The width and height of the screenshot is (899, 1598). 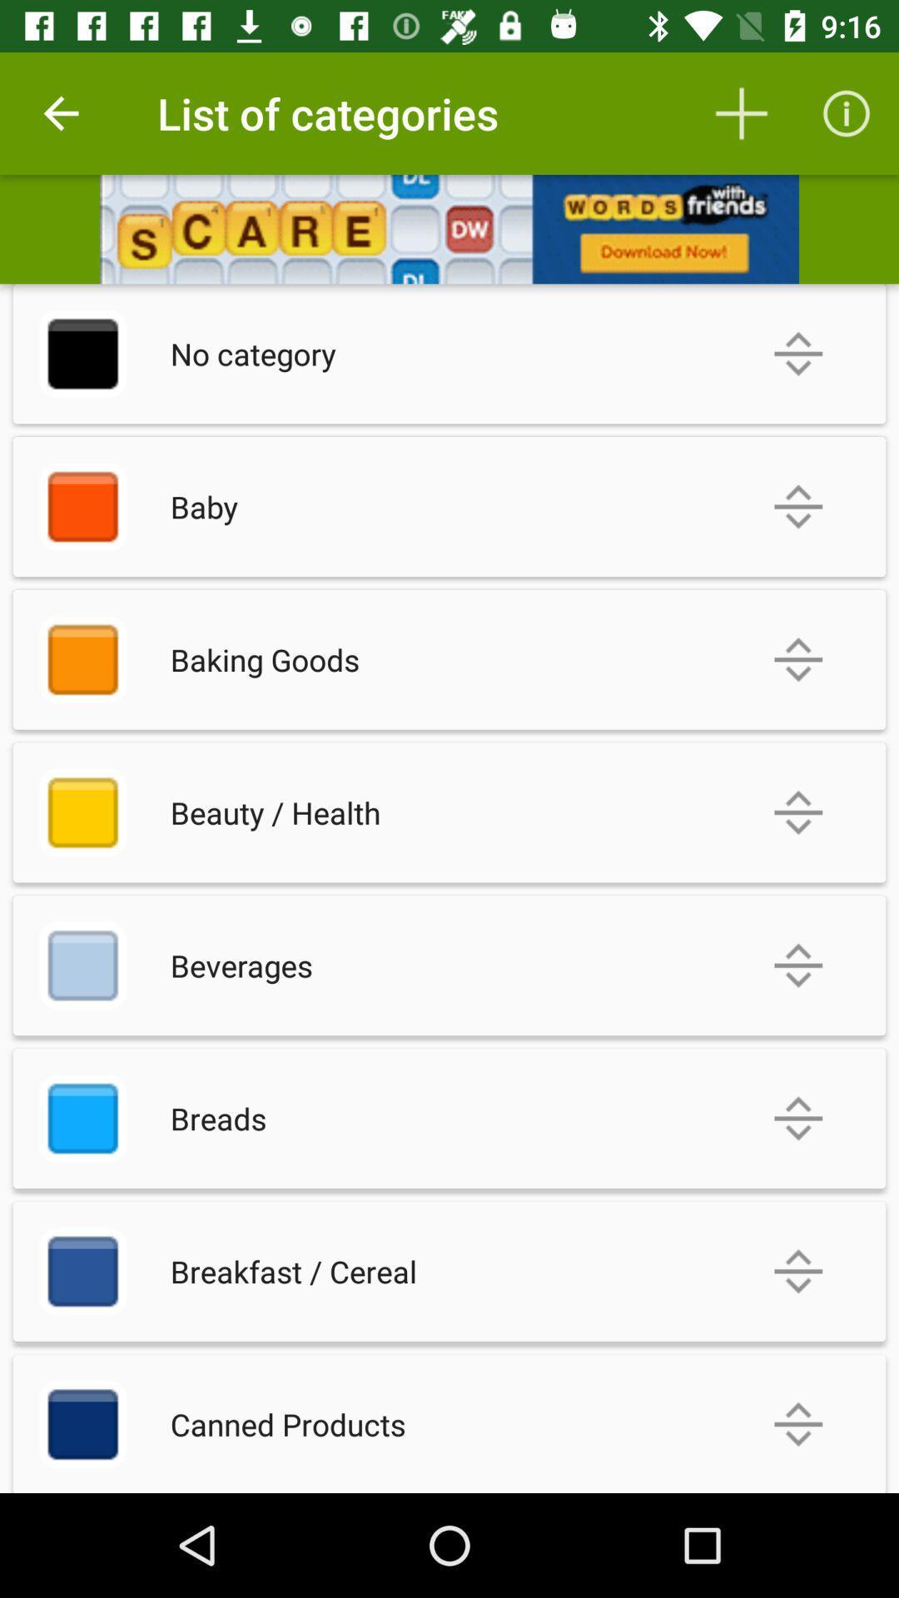 What do you see at coordinates (449, 228) in the screenshot?
I see `advertisement` at bounding box center [449, 228].